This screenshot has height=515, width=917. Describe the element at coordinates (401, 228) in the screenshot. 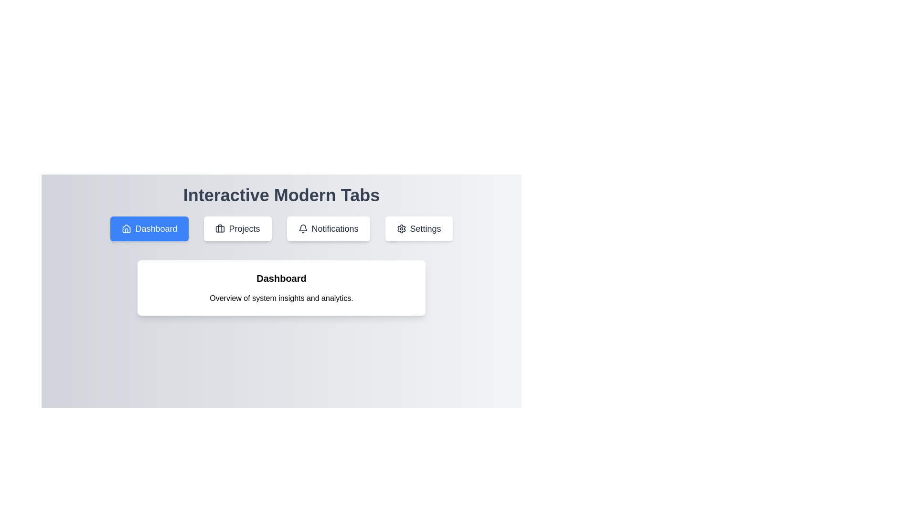

I see `the gear icon located in the rightmost section of the horizontal navigation bar, which represents settings or configurations` at that location.